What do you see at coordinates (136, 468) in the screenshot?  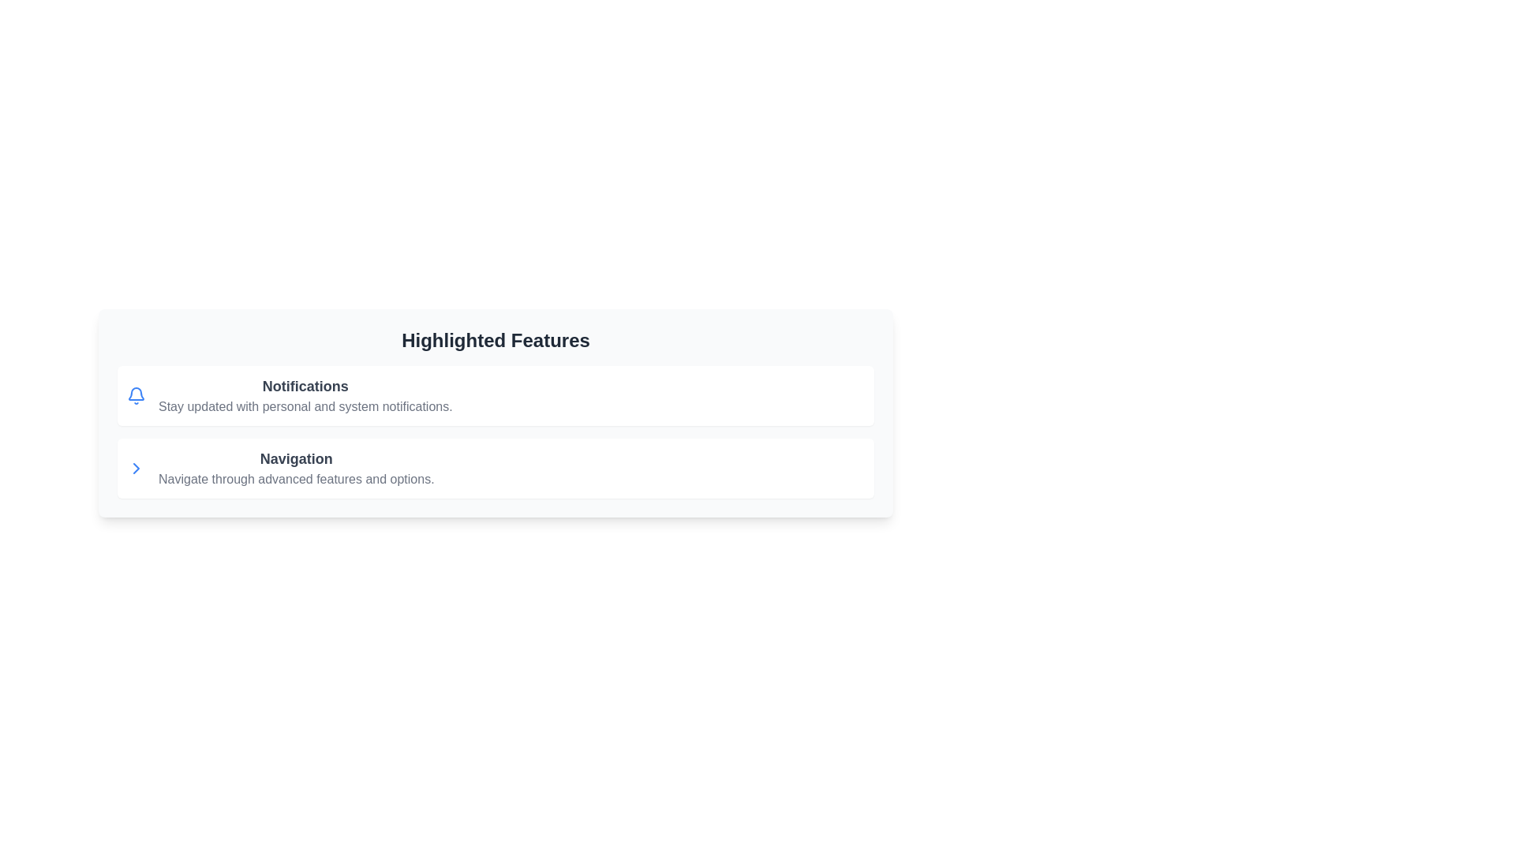 I see `the leftmost chevron icon in the 'Navigation' group under the 'Highlighted Features' section` at bounding box center [136, 468].